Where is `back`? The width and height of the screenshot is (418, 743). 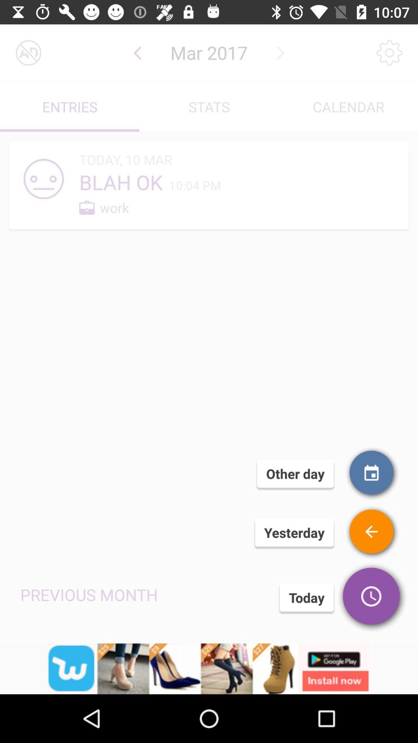
back is located at coordinates (137, 52).